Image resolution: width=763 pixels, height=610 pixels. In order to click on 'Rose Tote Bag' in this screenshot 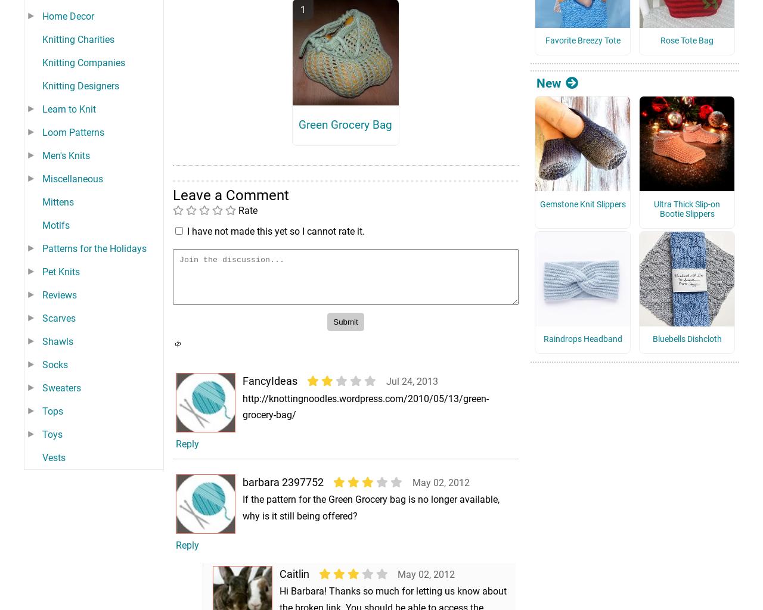, I will do `click(687, 57)`.